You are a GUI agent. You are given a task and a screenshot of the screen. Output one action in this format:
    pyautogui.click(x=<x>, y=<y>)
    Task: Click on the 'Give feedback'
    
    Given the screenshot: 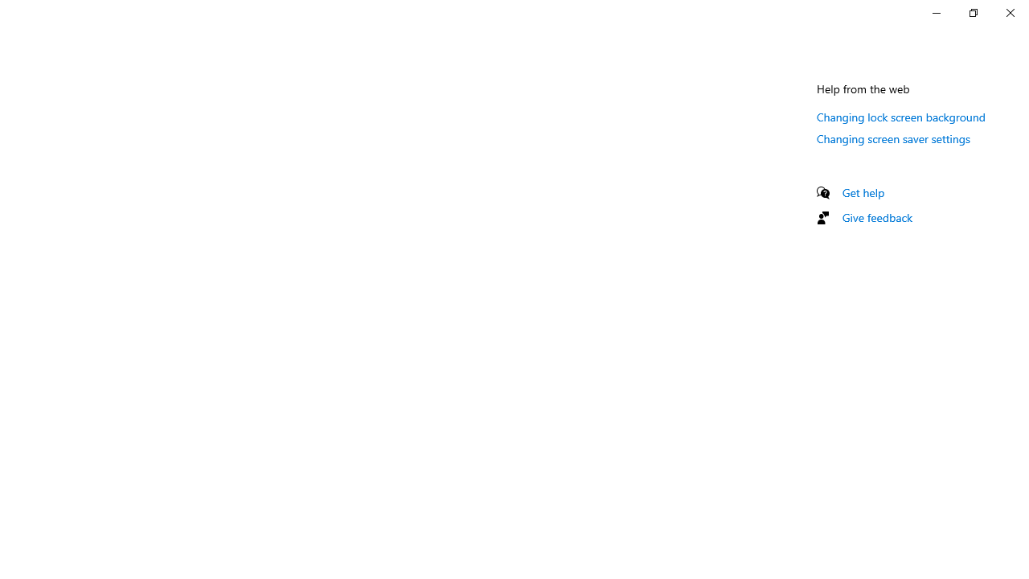 What is the action you would take?
    pyautogui.click(x=876, y=217)
    